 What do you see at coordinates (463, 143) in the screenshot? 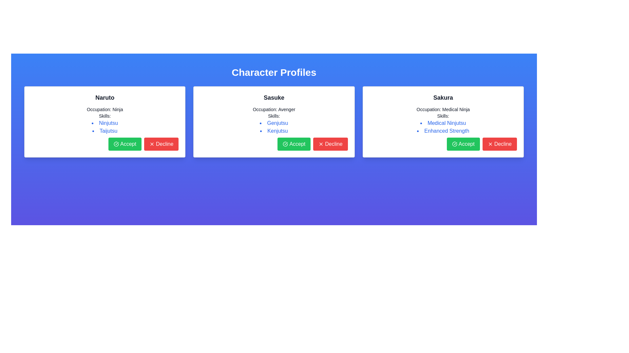
I see `the 'Accept' button located in the bottom section of the 'Sakura' card` at bounding box center [463, 143].